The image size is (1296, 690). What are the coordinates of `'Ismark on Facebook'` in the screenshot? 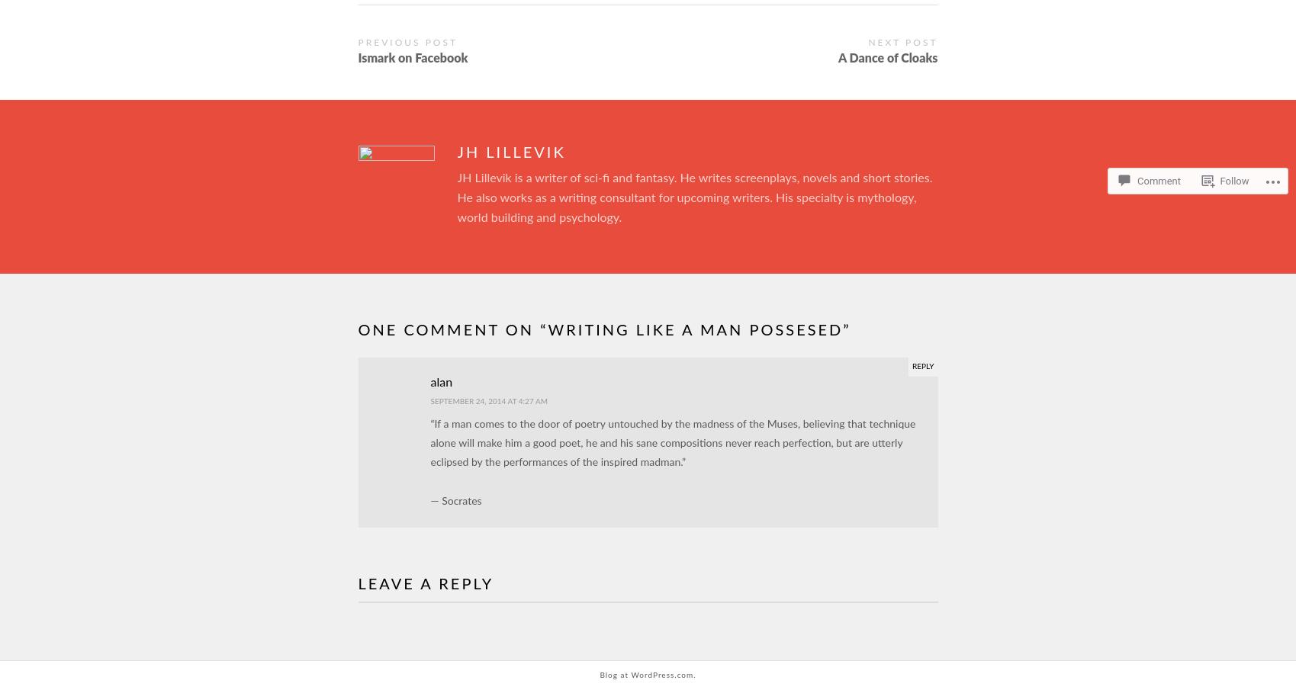 It's located at (411, 59).